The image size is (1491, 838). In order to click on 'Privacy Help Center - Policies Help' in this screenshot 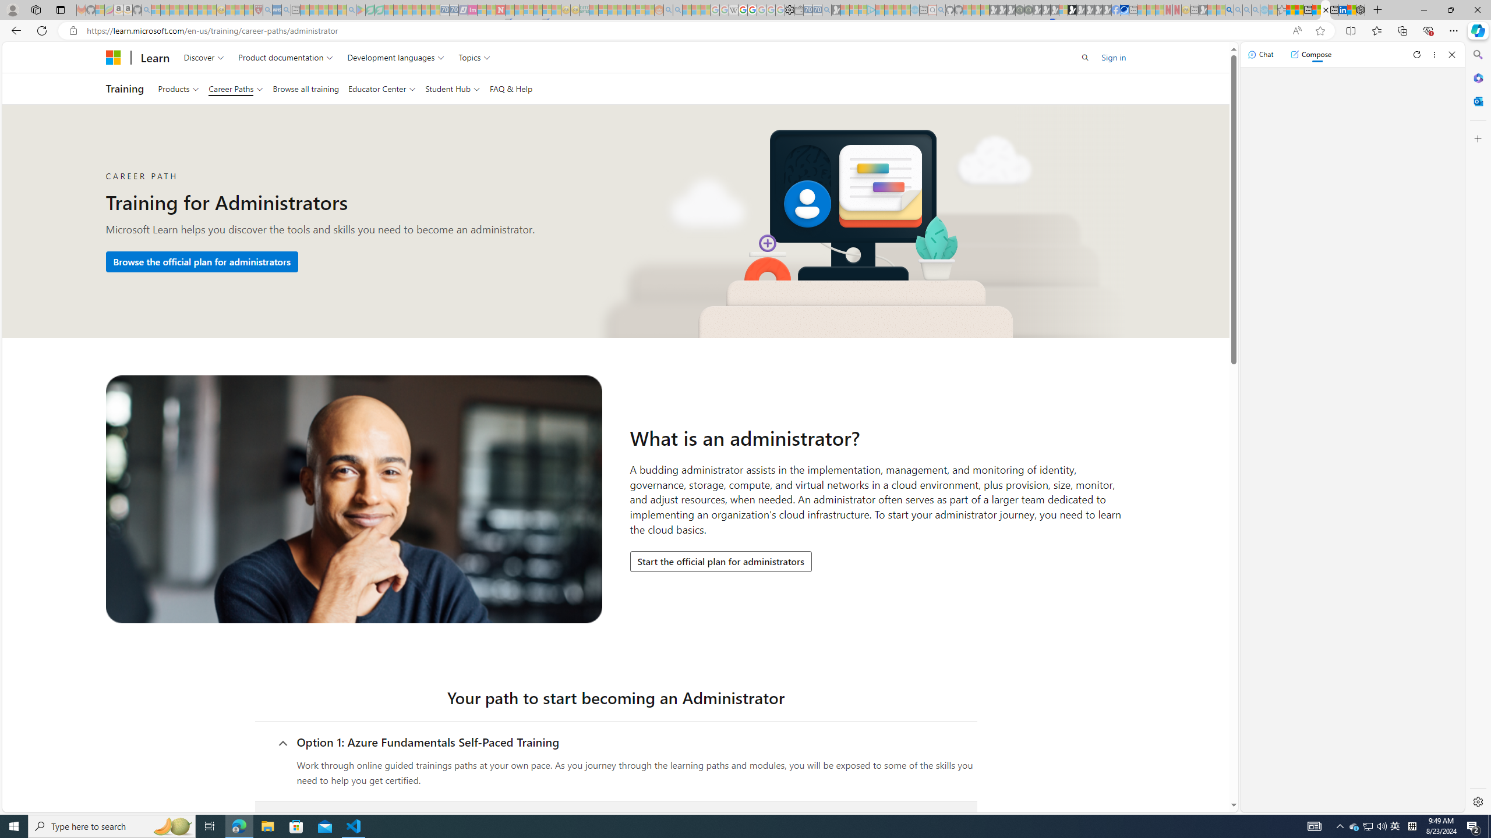, I will do `click(743, 9)`.